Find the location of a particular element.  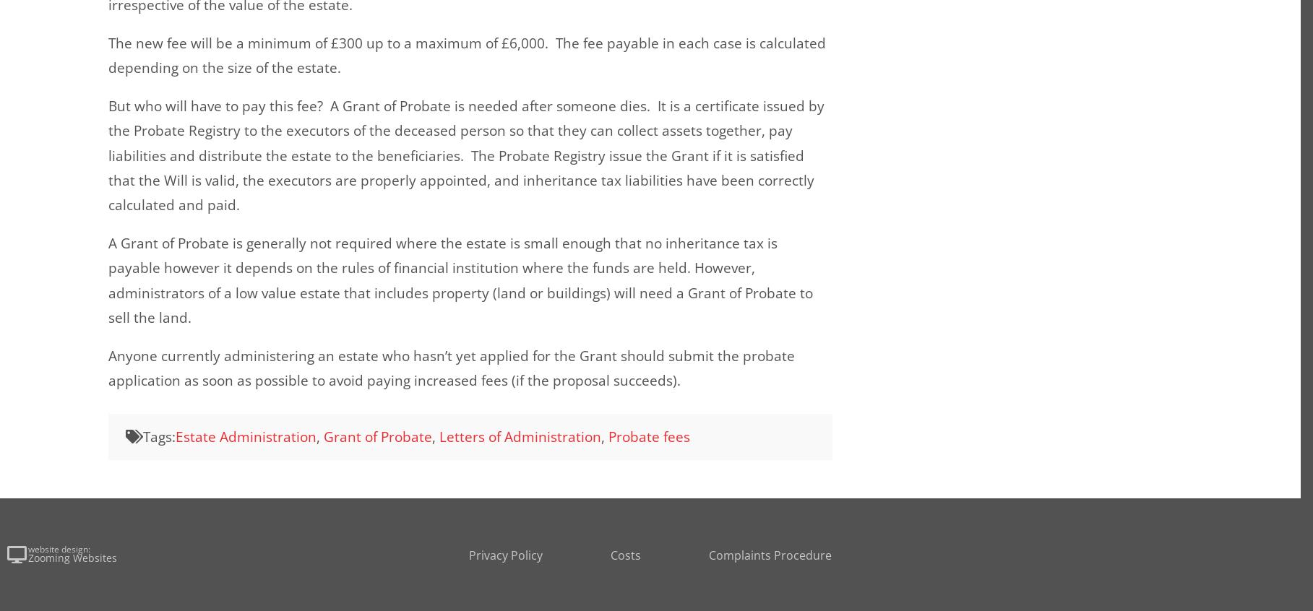

'website design:' is located at coordinates (59, 547).